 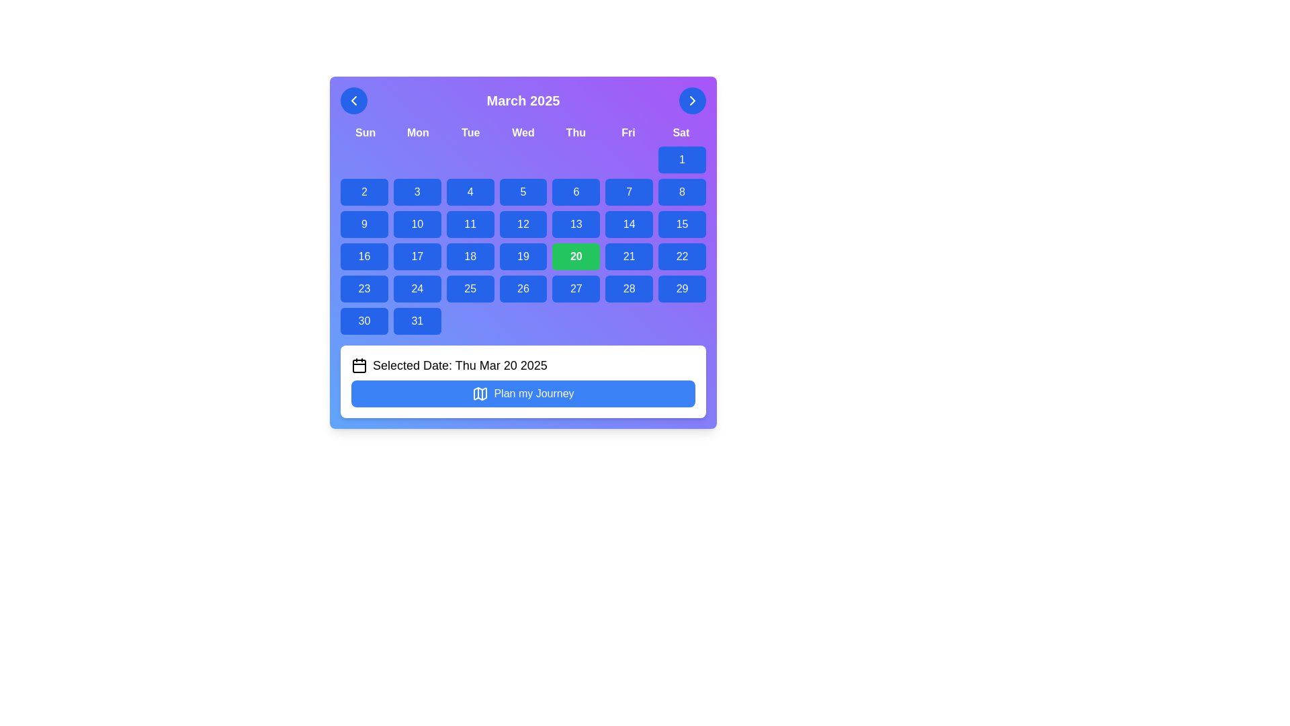 What do you see at coordinates (364, 321) in the screenshot?
I see `the blue rectangular button with rounded corners containing the white text '30'` at bounding box center [364, 321].